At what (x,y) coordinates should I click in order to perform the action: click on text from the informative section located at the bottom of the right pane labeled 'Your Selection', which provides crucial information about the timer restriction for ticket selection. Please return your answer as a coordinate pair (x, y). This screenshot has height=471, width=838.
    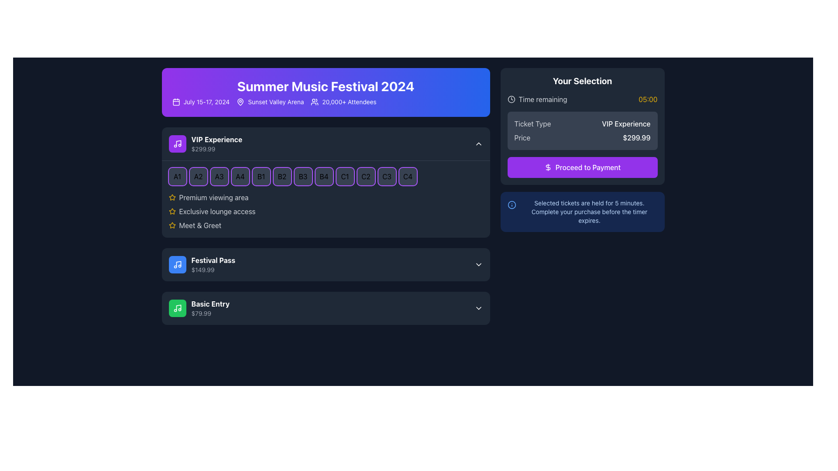
    Looking at the image, I should click on (582, 212).